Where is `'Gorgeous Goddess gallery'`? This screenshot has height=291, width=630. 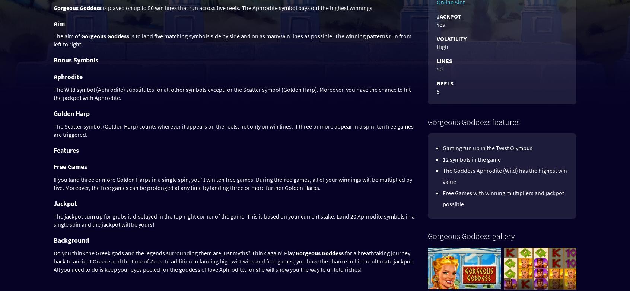
'Gorgeous Goddess gallery' is located at coordinates (471, 235).